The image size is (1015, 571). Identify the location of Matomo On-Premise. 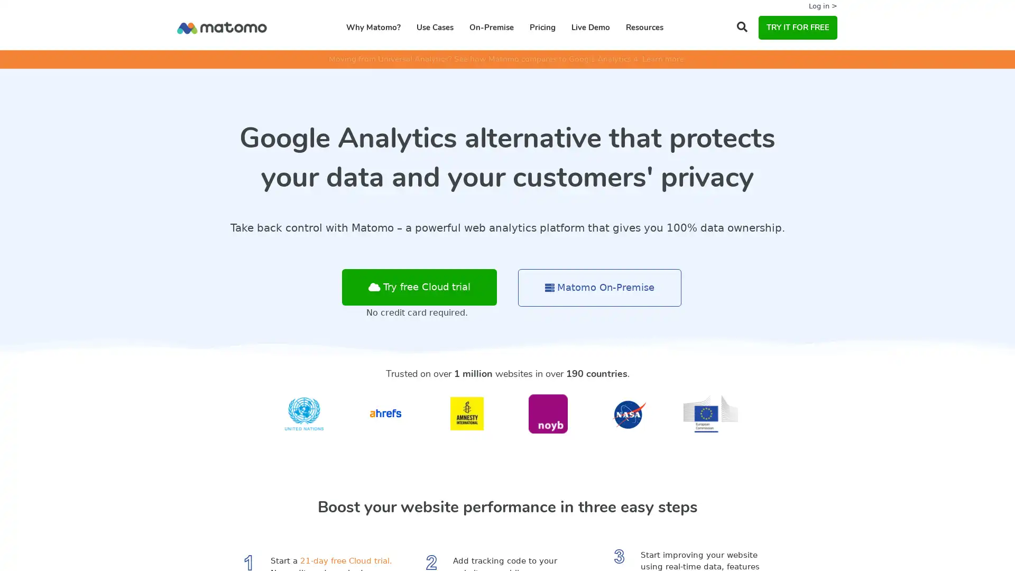
(599, 288).